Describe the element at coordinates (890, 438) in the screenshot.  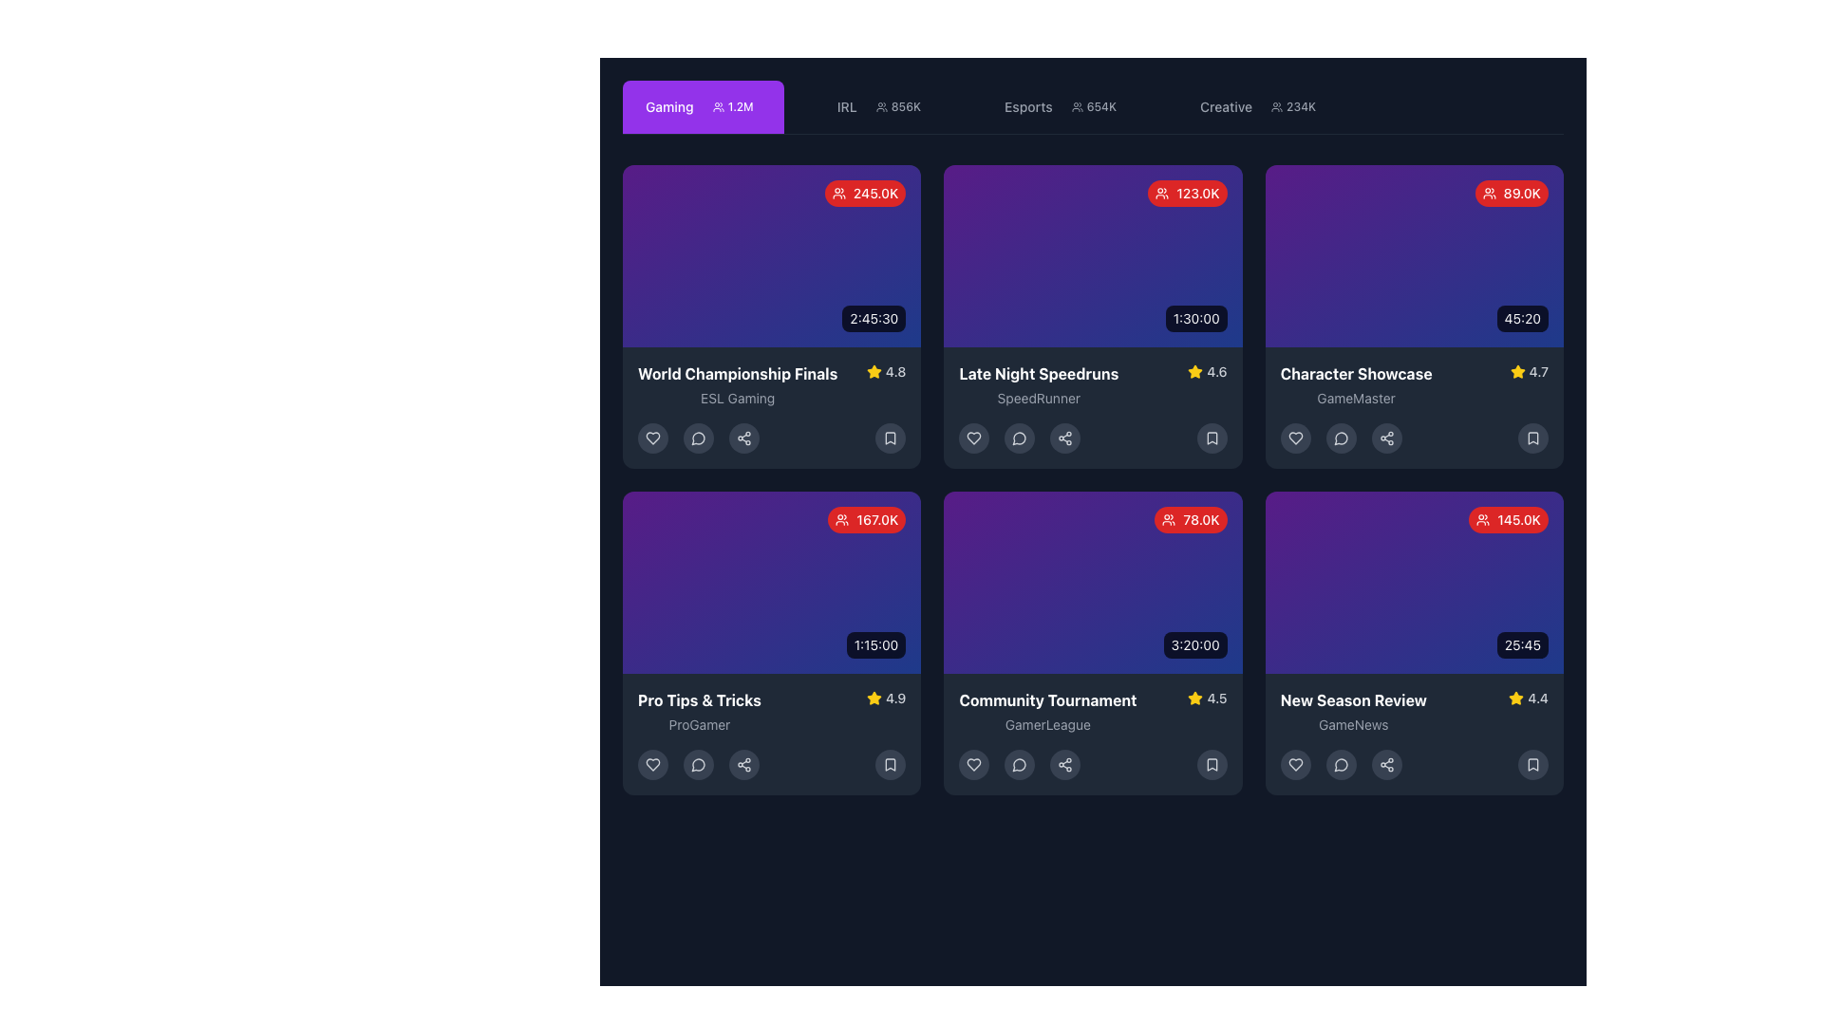
I see `the 'Bookmark' icon located in the bottom-right corner of the 'World Championship Finals' card` at that location.